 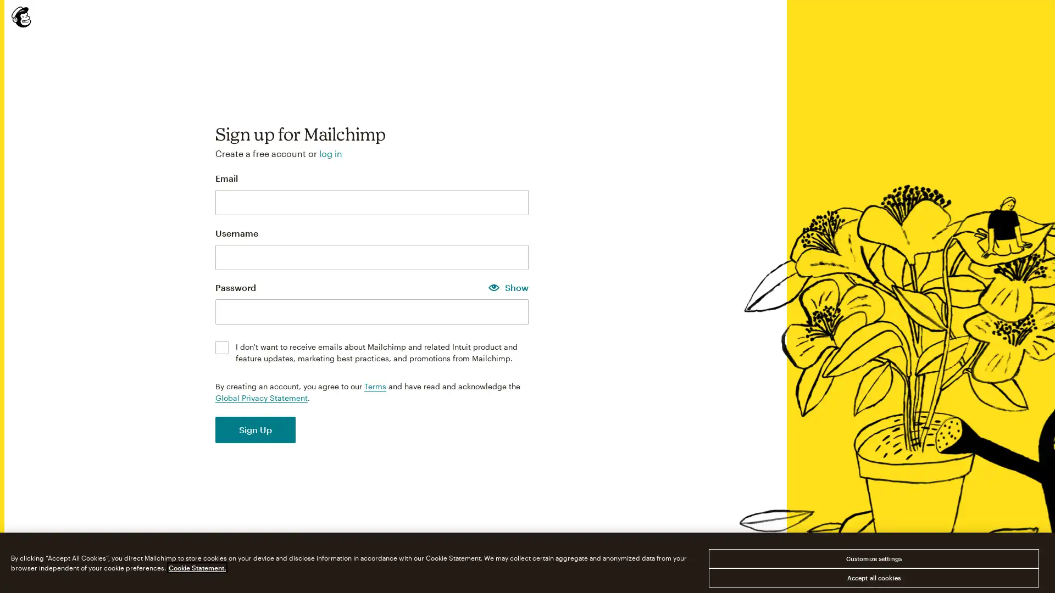 What do you see at coordinates (873, 577) in the screenshot?
I see `Accept all cookies` at bounding box center [873, 577].